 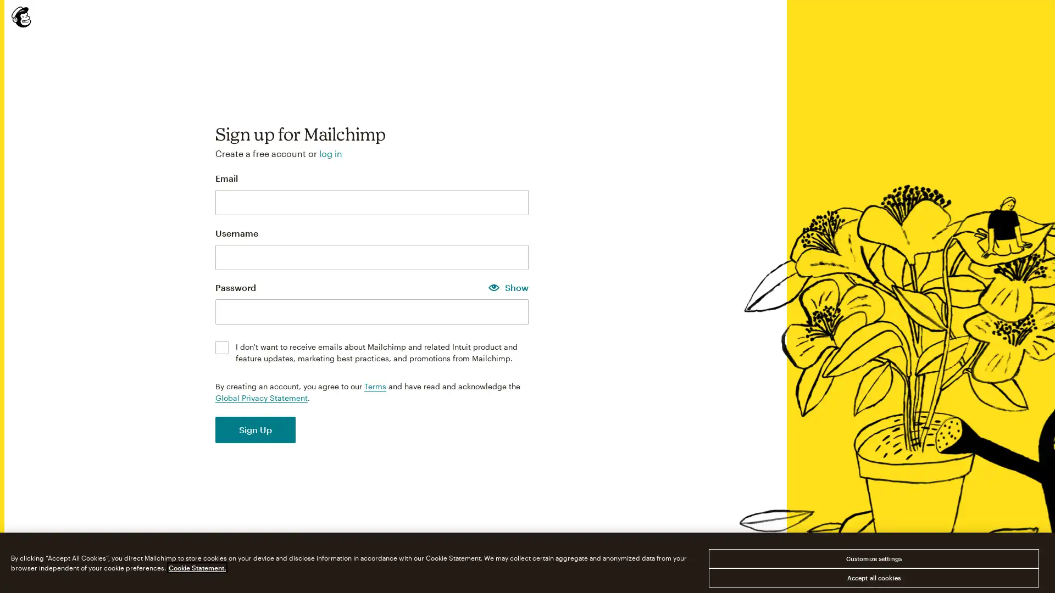 What do you see at coordinates (873, 577) in the screenshot?
I see `Accept all cookies` at bounding box center [873, 577].